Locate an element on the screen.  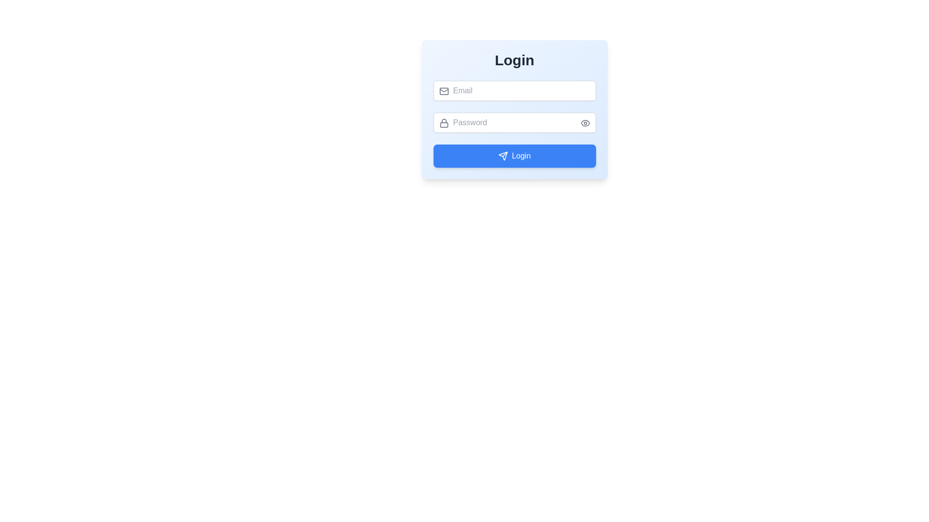
the decorative graphic element that serves as the background for the lock icon, which is positioned before the password input field in the login form is located at coordinates (443, 124).